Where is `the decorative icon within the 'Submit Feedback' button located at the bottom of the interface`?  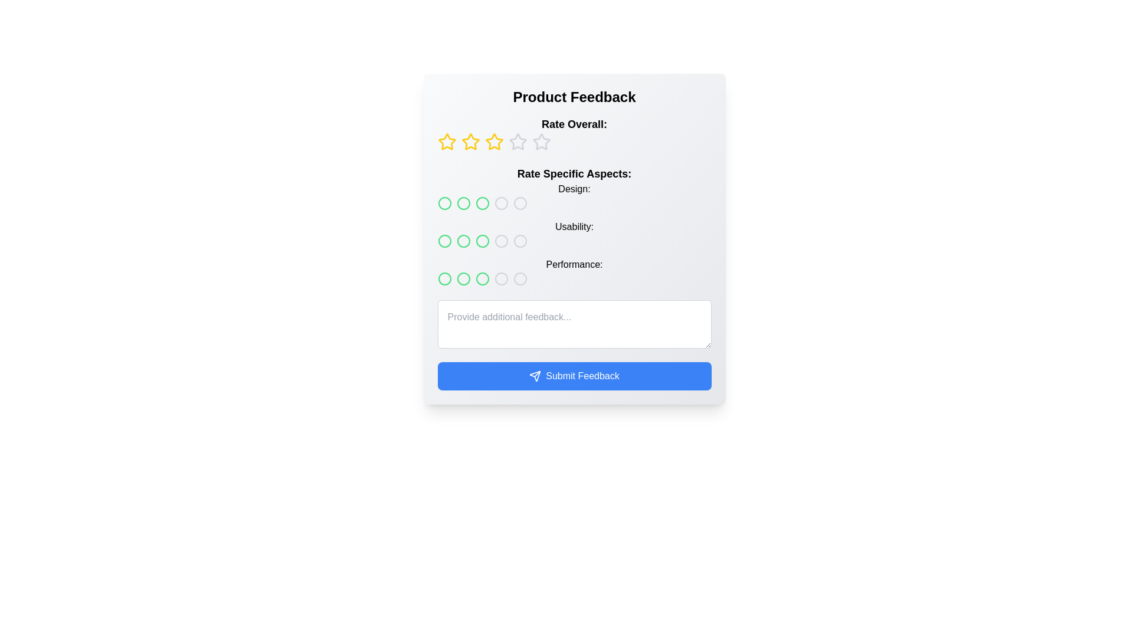 the decorative icon within the 'Submit Feedback' button located at the bottom of the interface is located at coordinates (535, 375).